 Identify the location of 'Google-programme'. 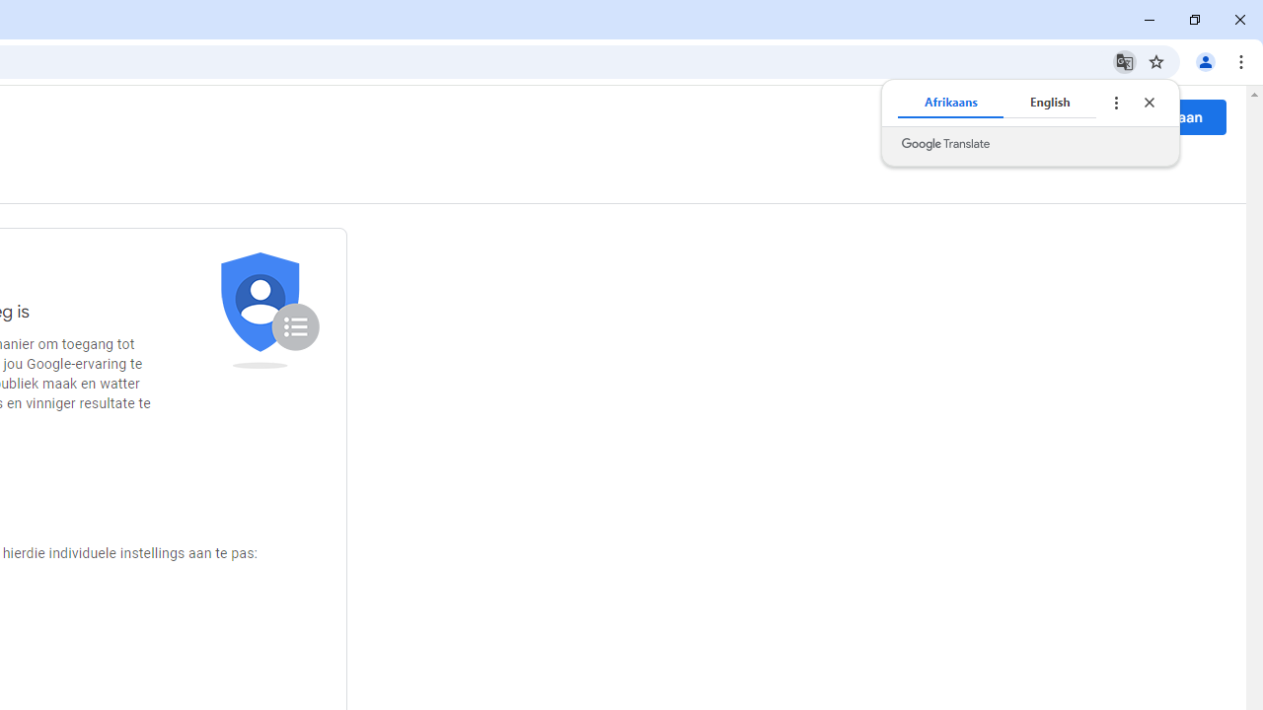
(1084, 117).